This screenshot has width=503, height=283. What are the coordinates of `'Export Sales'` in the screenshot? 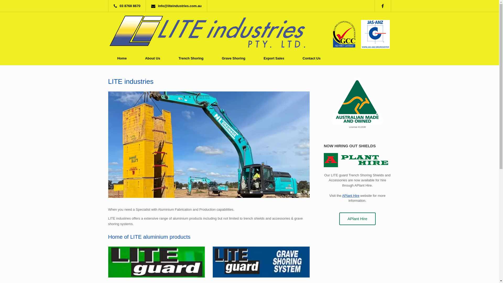 It's located at (254, 58).